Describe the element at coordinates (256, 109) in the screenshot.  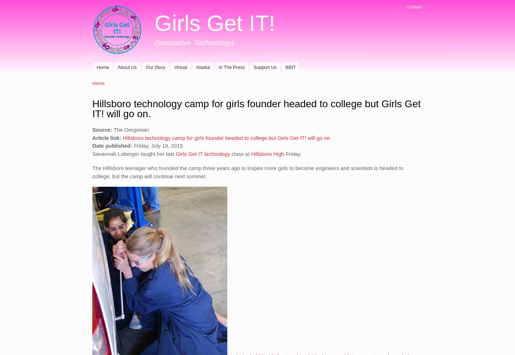
I see `'Hillsboro technology camp for girls founder headed to college but Girls Get IT! will go on.'` at that location.